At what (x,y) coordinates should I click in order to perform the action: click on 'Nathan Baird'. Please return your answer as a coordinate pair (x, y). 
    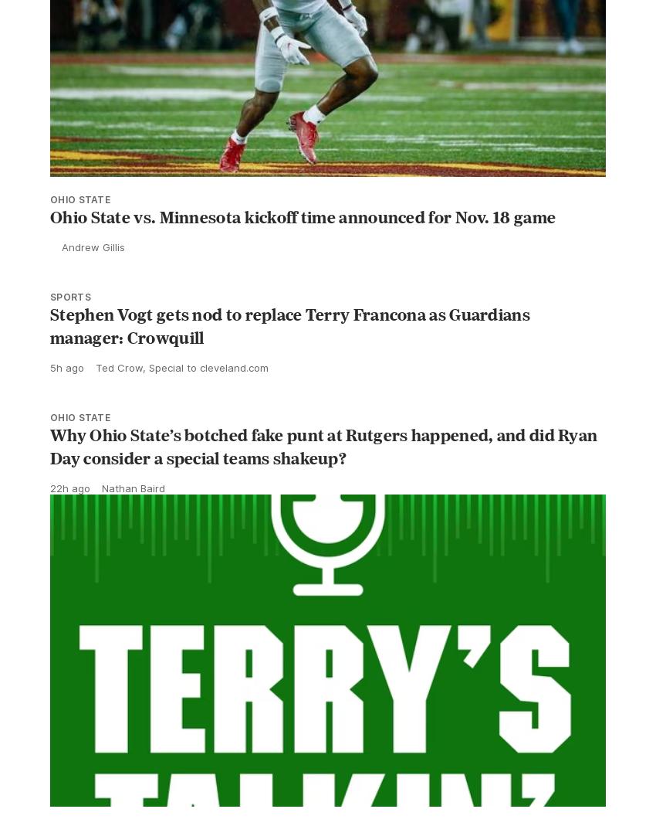
    Looking at the image, I should click on (132, 522).